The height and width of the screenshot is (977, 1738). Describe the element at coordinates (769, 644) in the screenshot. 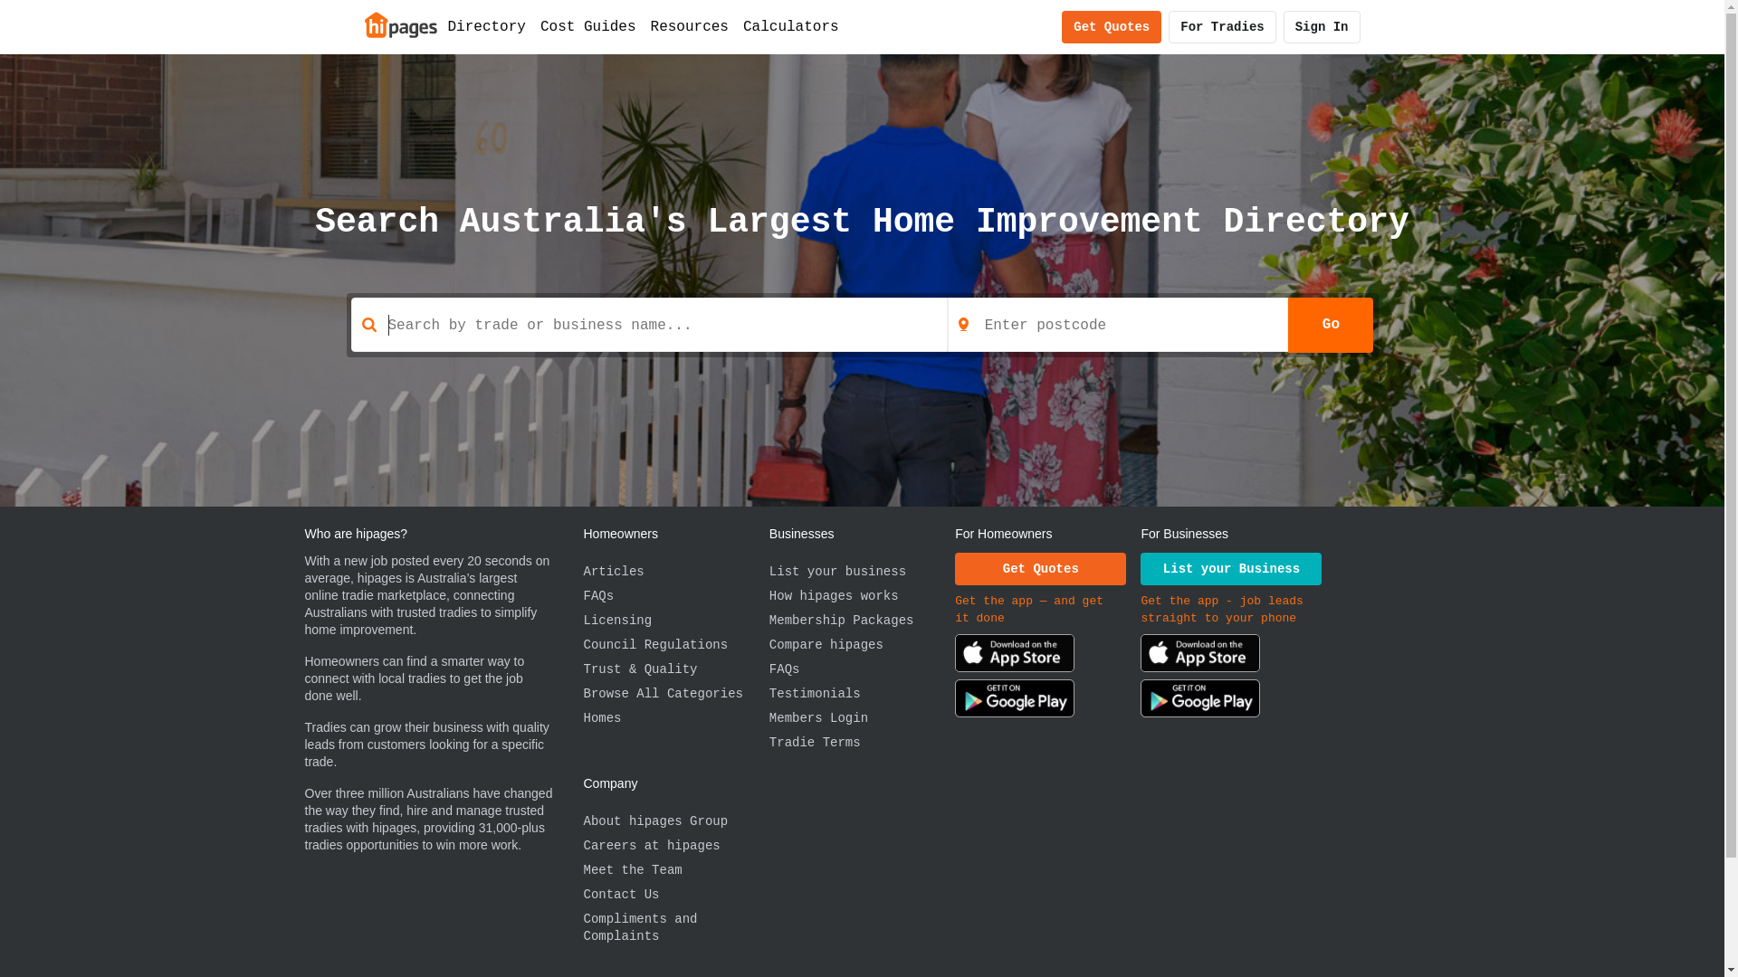

I see `'Compare hipages'` at that location.